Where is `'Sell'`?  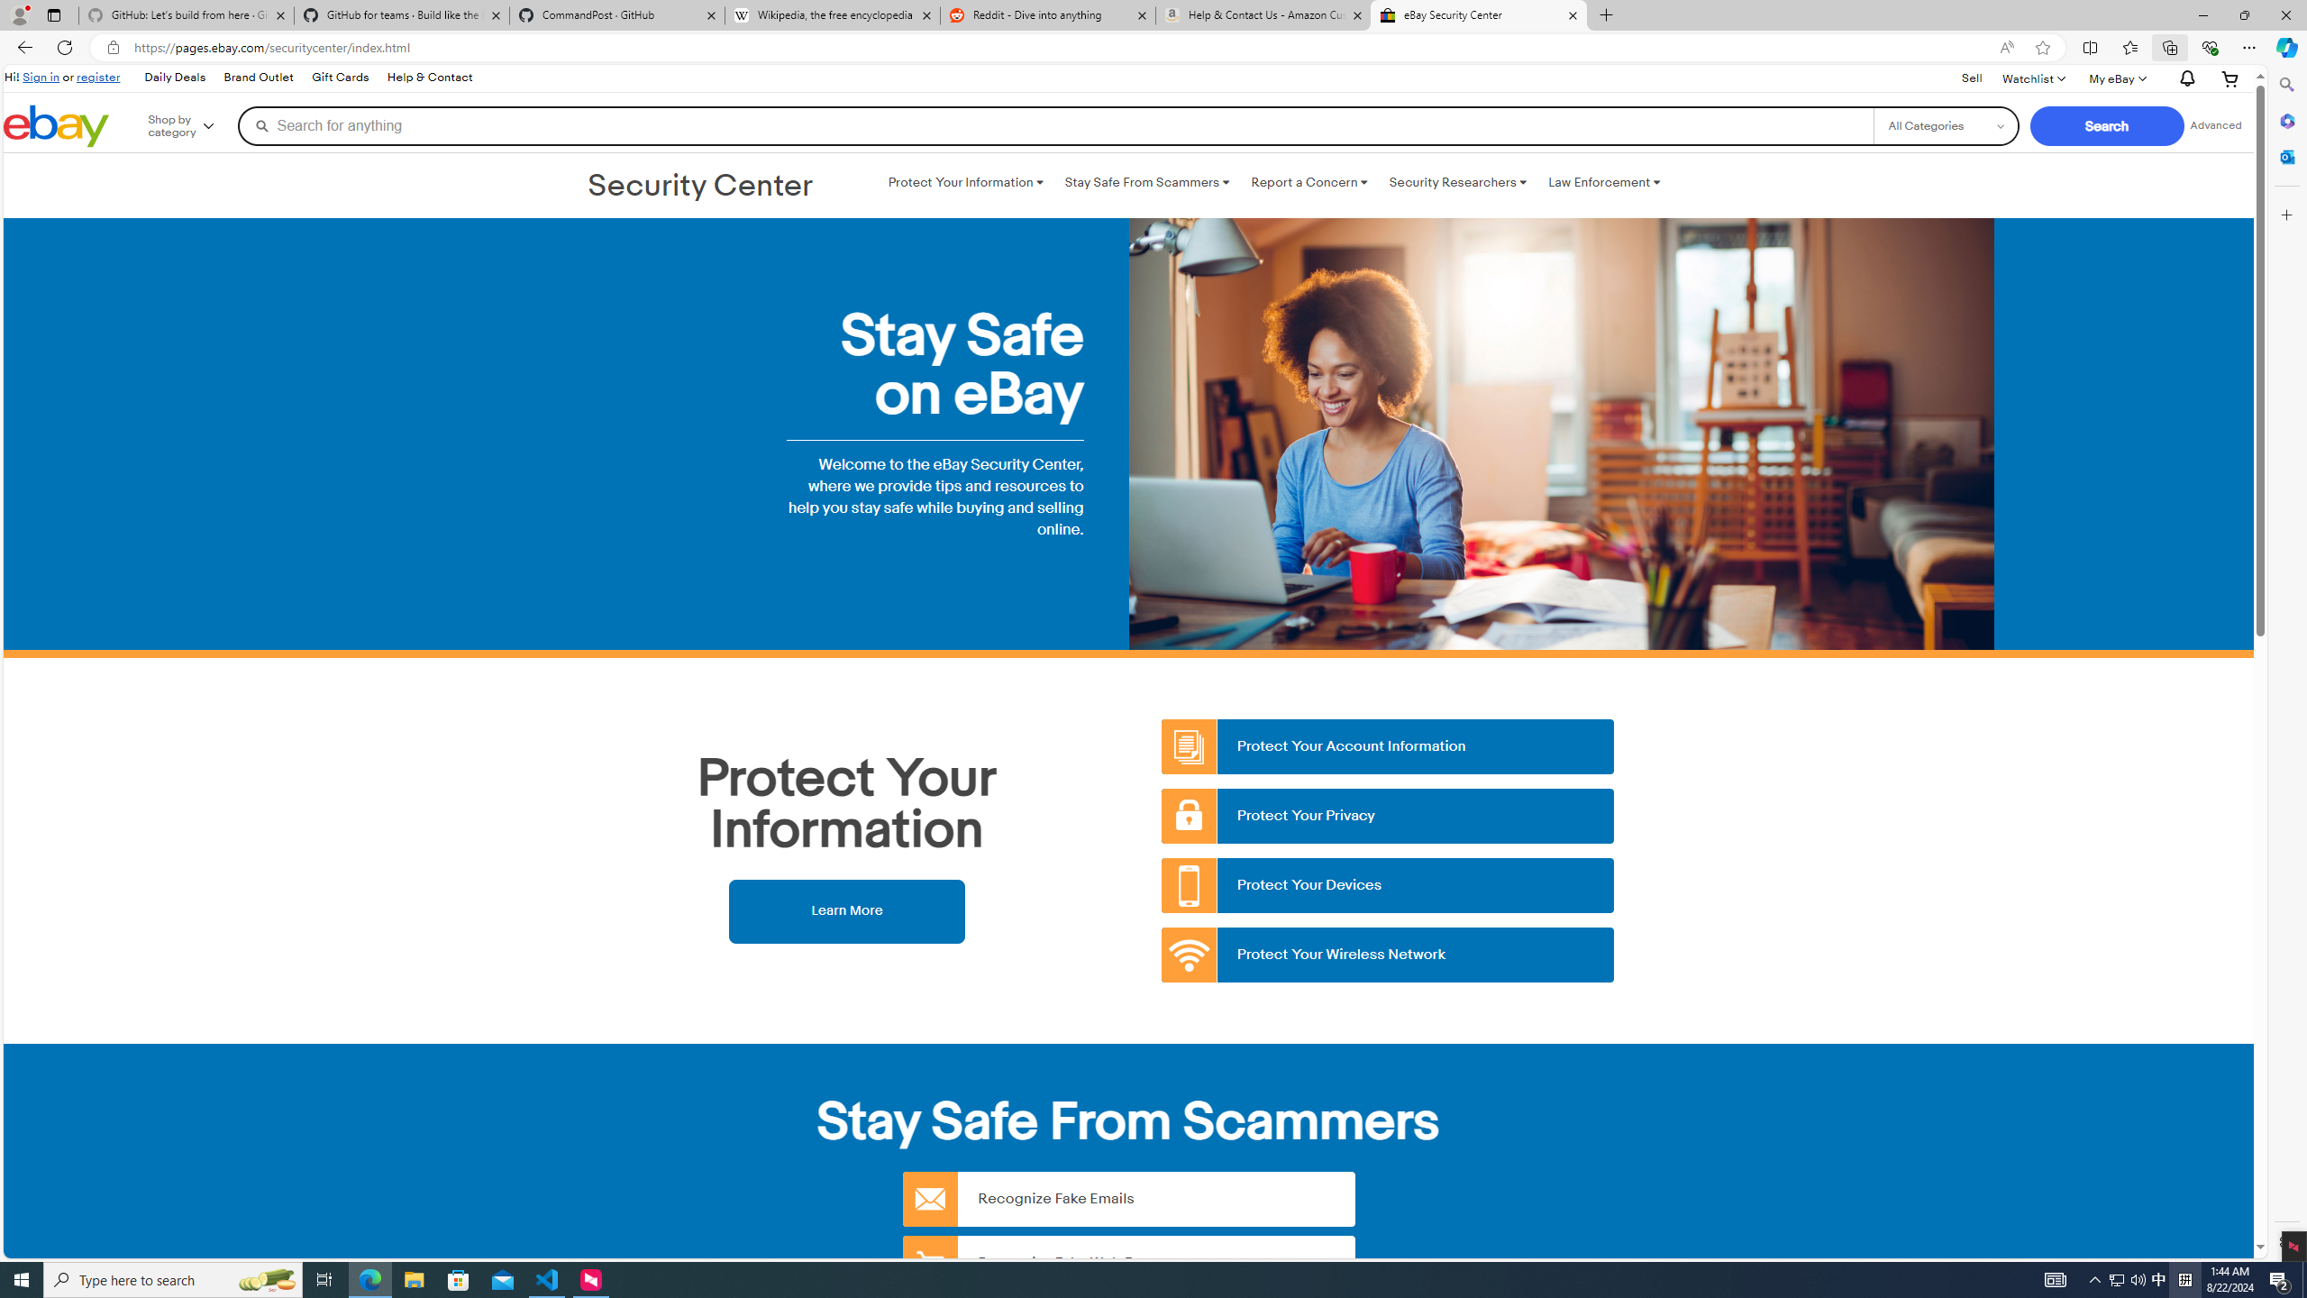
'Sell' is located at coordinates (1972, 78).